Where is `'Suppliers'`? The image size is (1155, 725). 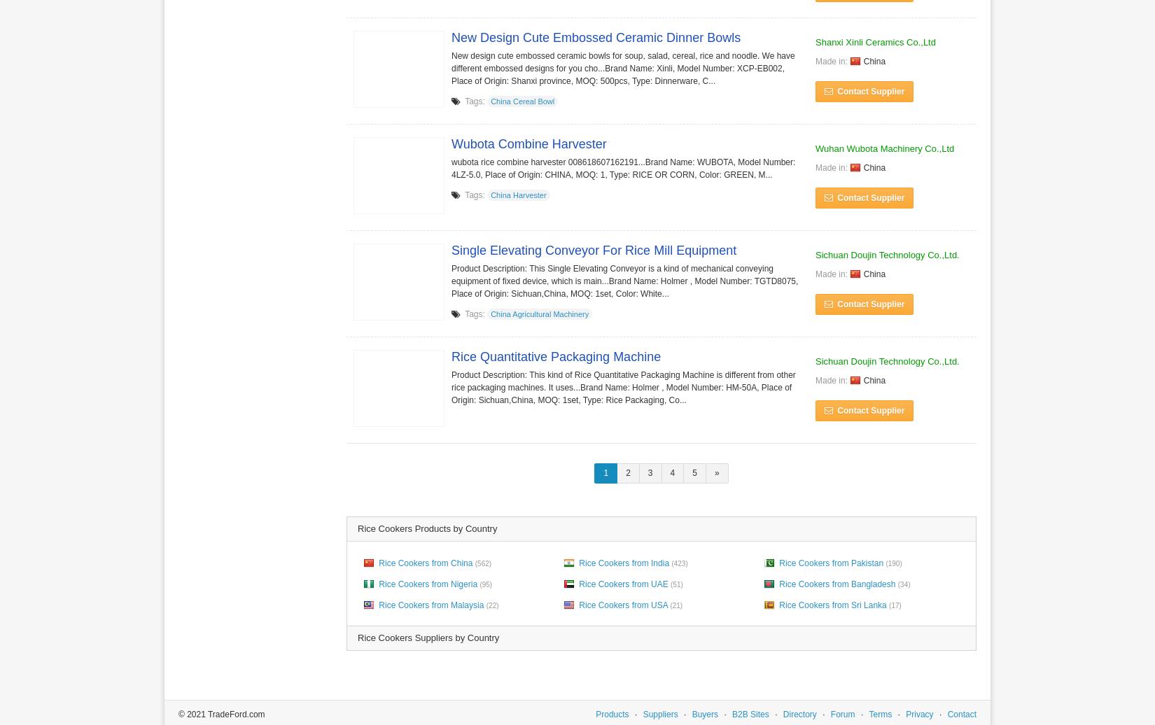
'Suppliers' is located at coordinates (643, 714).